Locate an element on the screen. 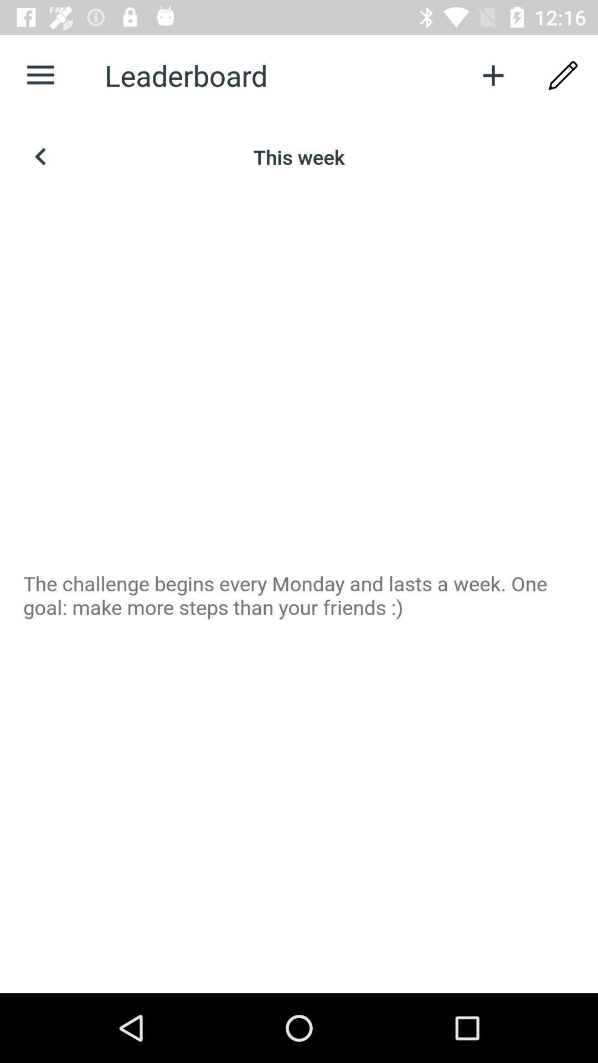  the arrow_backward icon is located at coordinates (40, 156).